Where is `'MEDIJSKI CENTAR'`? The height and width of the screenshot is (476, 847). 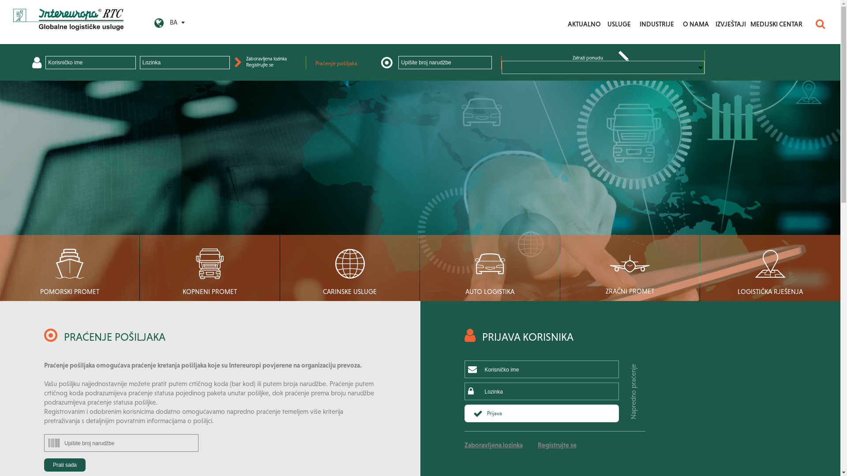 'MEDIJSKI CENTAR' is located at coordinates (776, 25).